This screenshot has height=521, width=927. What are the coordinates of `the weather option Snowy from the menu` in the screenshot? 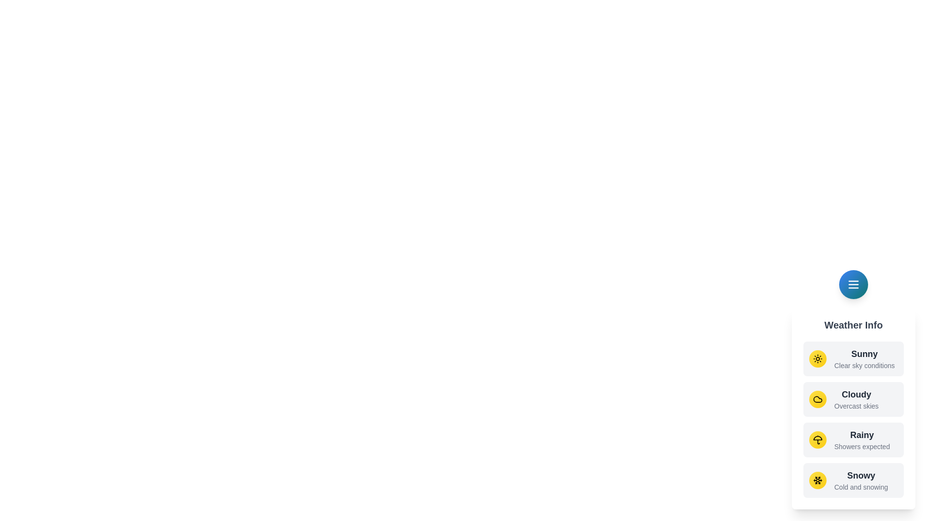 It's located at (853, 480).